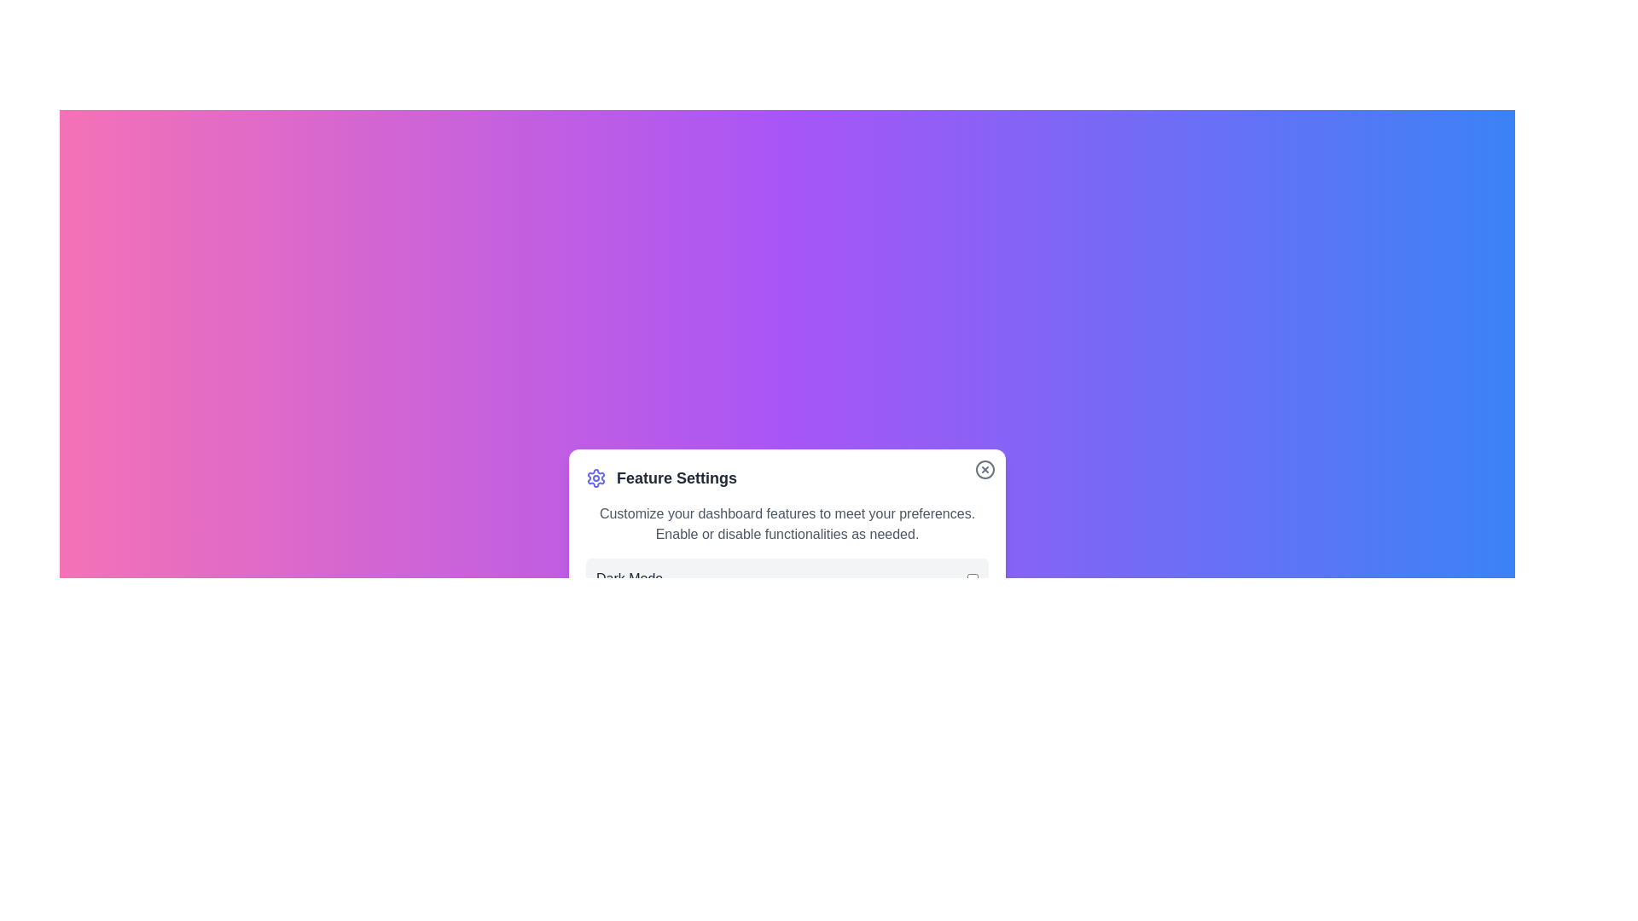 The height and width of the screenshot is (921, 1638). Describe the element at coordinates (596, 478) in the screenshot. I see `the settings icon located at the top-left corner of the 'Feature Settings' modal as a placeholder for feature customization` at that location.